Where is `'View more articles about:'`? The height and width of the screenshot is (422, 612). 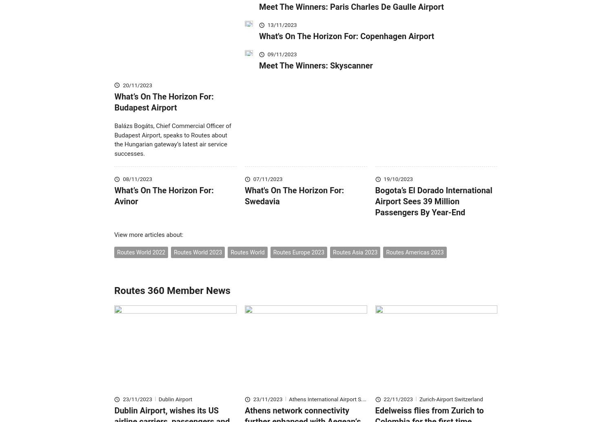 'View more articles about:' is located at coordinates (148, 246).